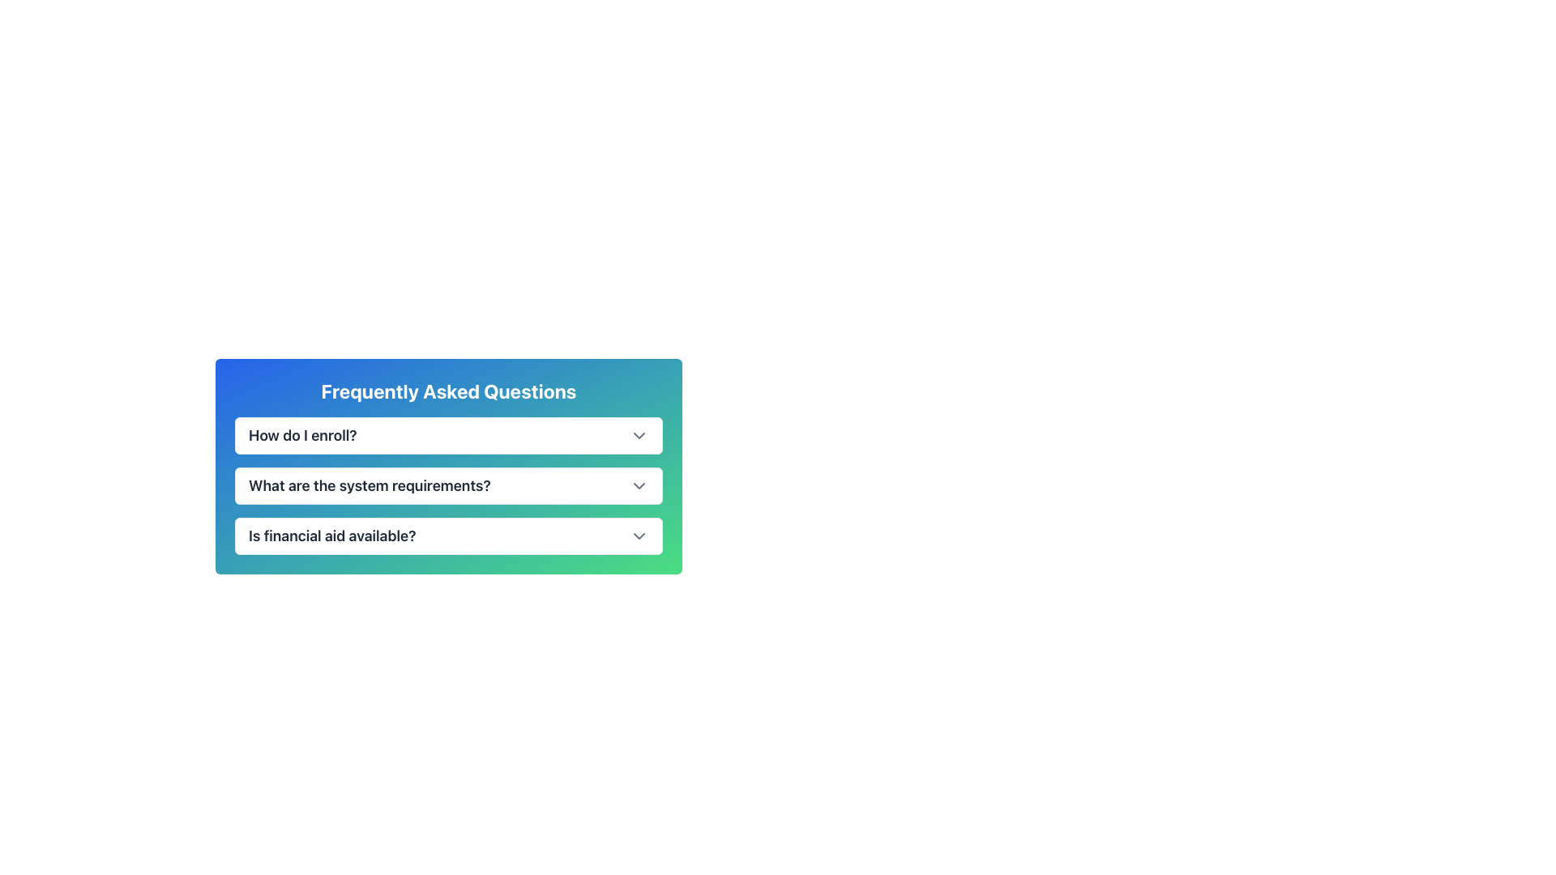  Describe the element at coordinates (638, 434) in the screenshot. I see `the gray downward-pointing chevron icon next to the 'How do I enroll?' text` at that location.